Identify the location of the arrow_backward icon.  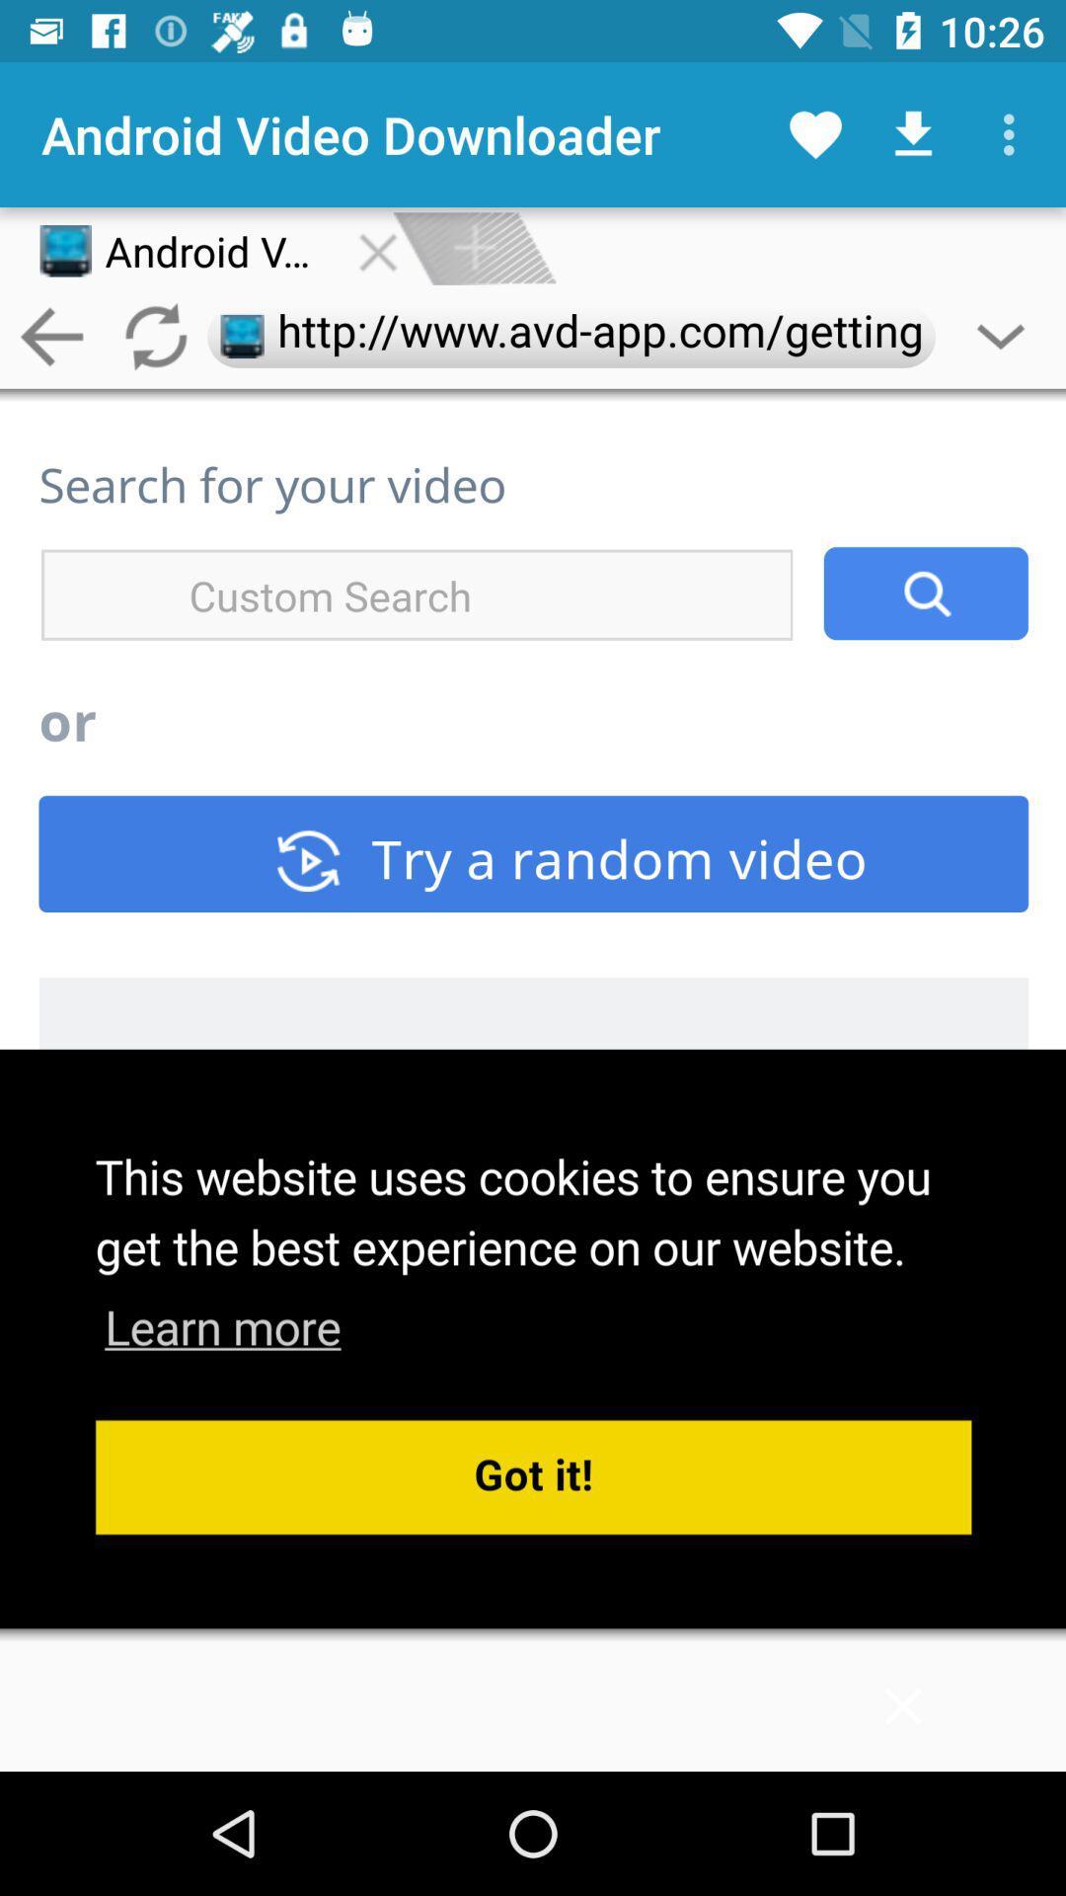
(50, 337).